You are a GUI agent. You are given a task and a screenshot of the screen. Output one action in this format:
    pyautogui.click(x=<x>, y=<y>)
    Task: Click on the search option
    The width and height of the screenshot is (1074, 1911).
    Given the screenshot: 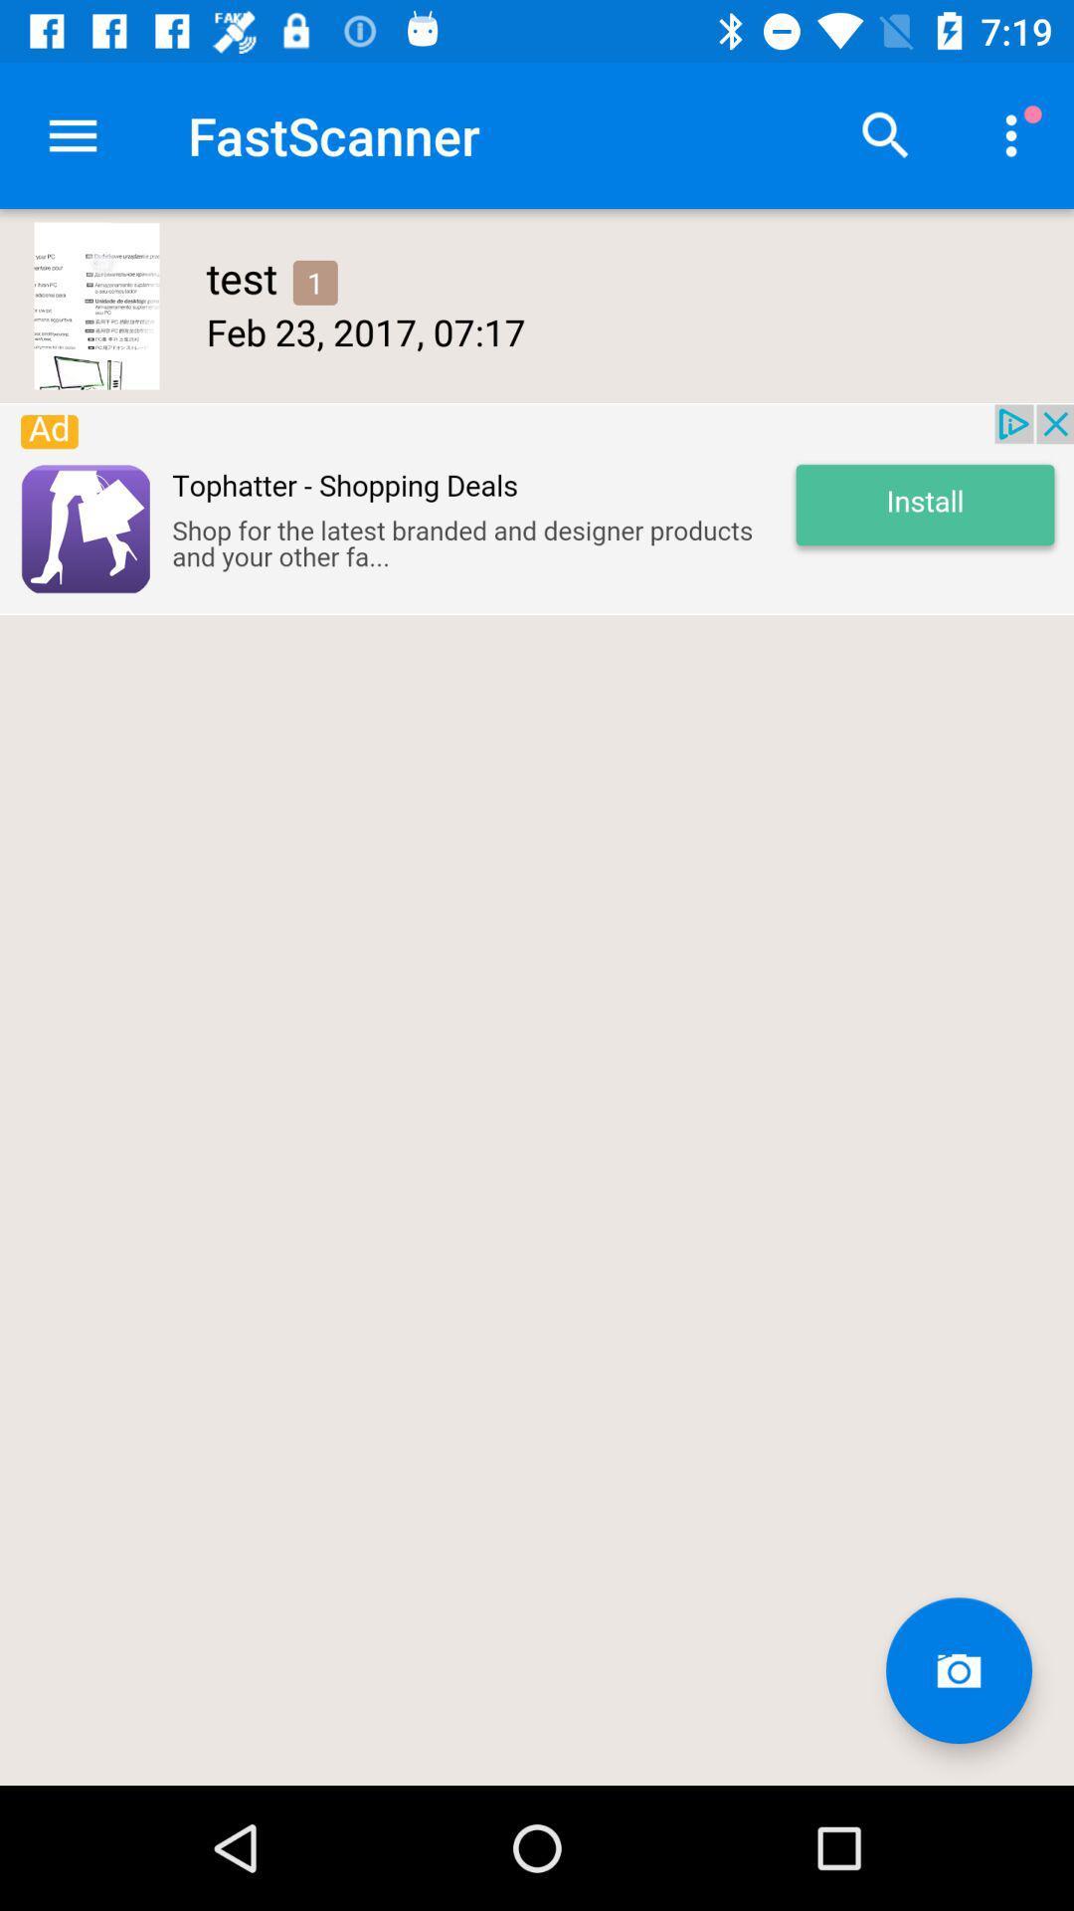 What is the action you would take?
    pyautogui.click(x=885, y=134)
    